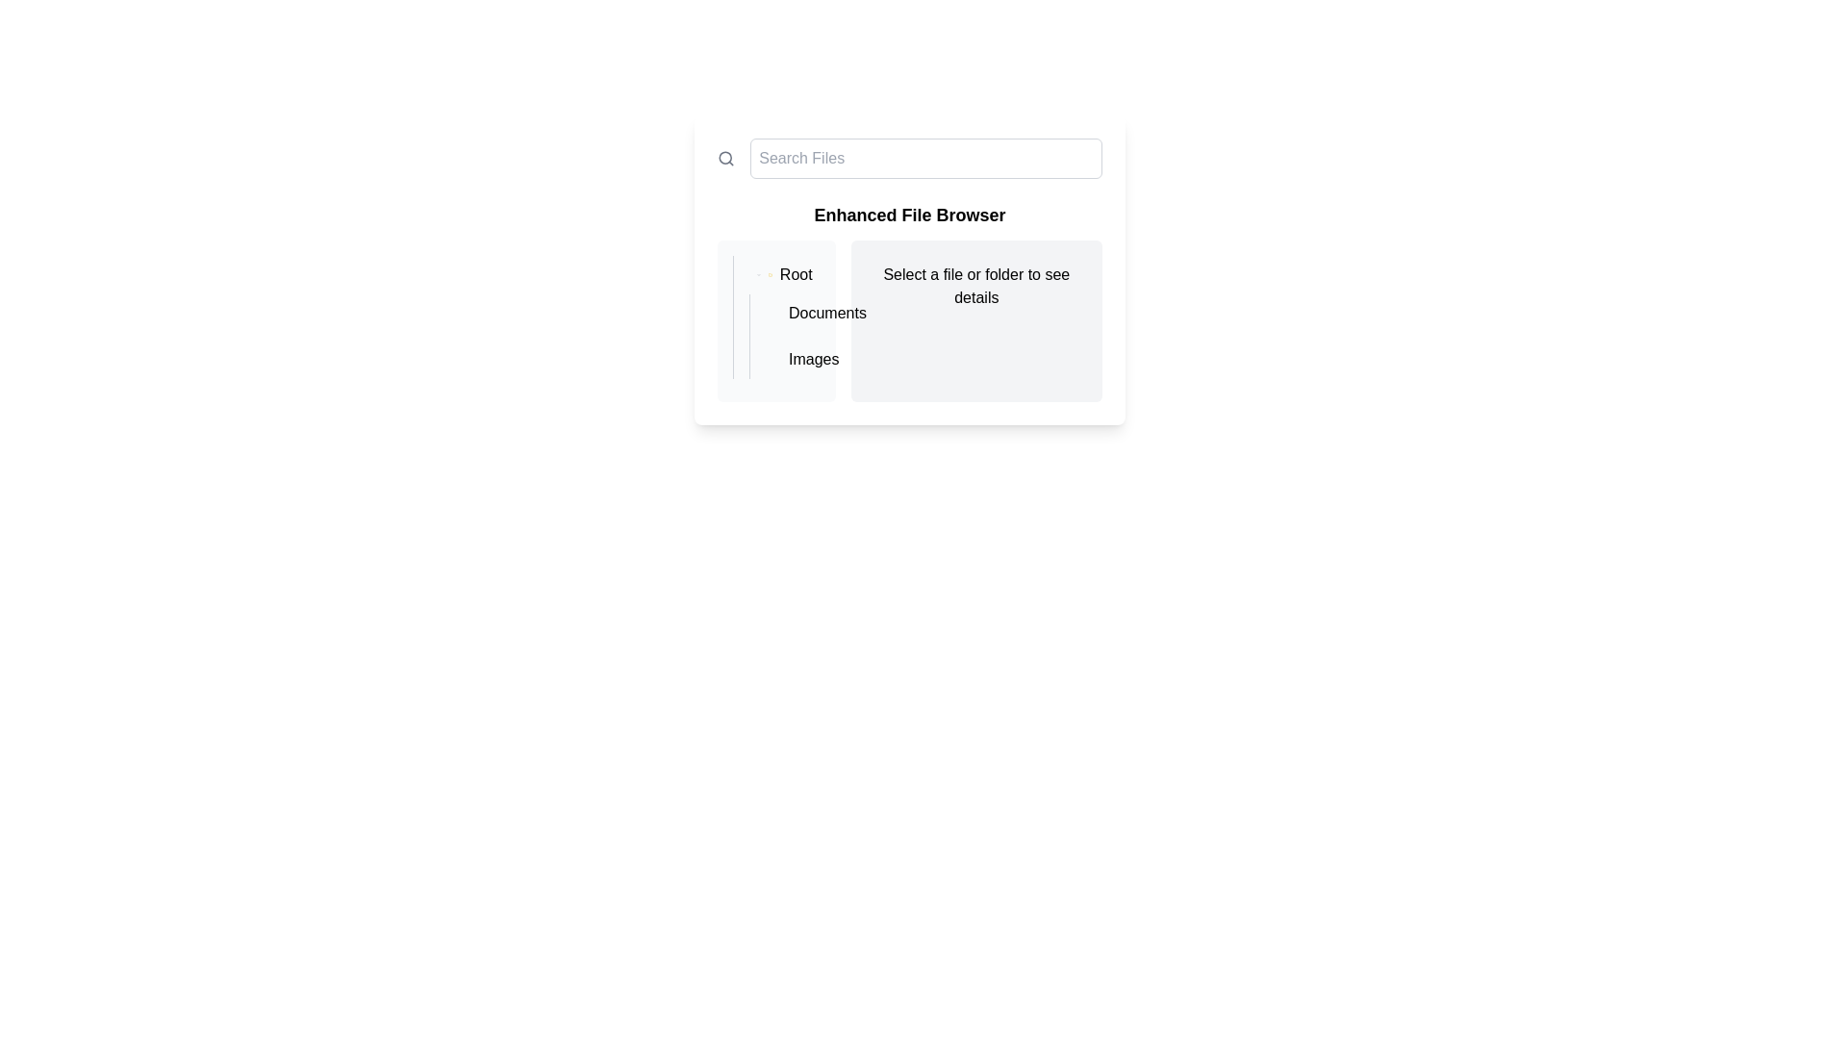 The width and height of the screenshot is (1847, 1039). I want to click on the 'Documents' folder label in the left panel of the file browser, so click(793, 313).